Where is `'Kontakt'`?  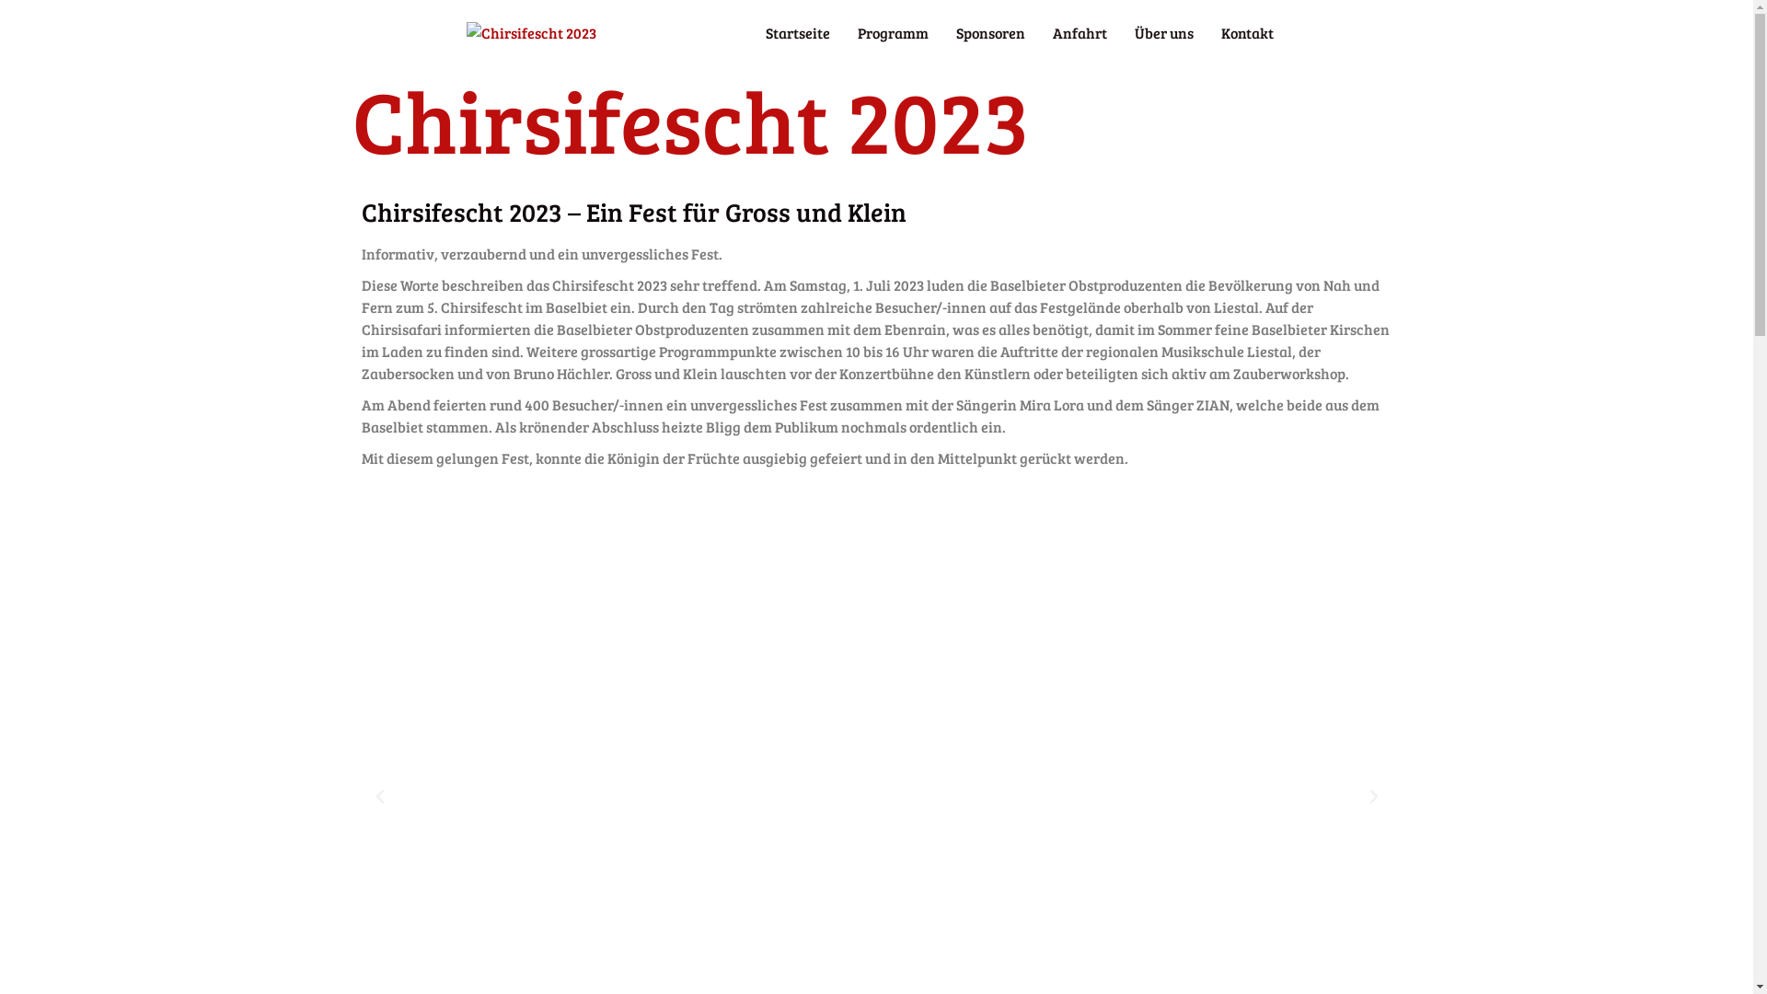
'Kontakt' is located at coordinates (1247, 32).